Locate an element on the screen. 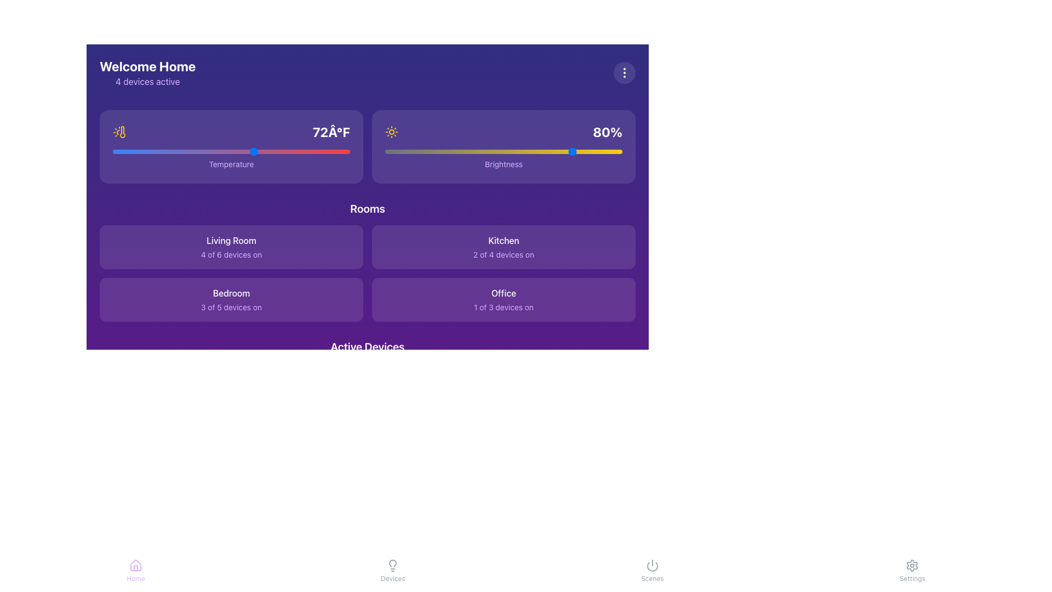 The width and height of the screenshot is (1052, 592). brightness level is located at coordinates (468, 152).